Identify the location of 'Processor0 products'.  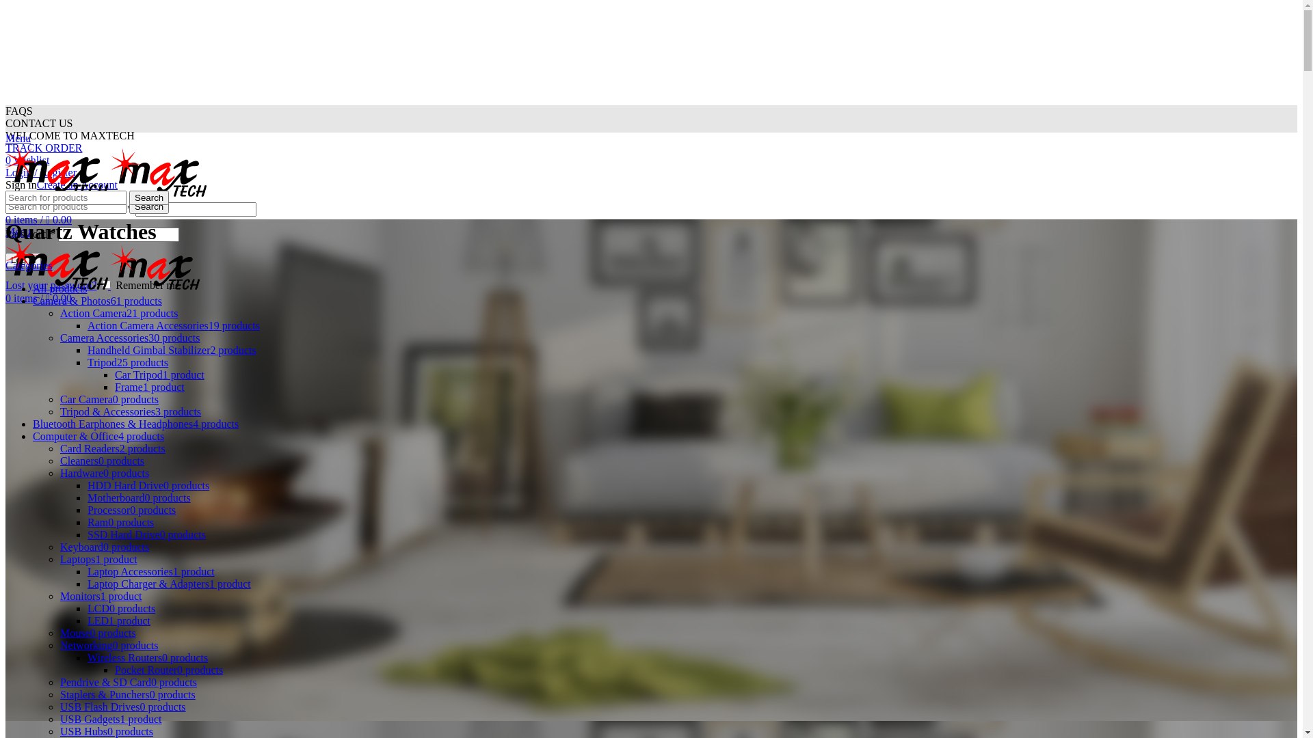
(131, 510).